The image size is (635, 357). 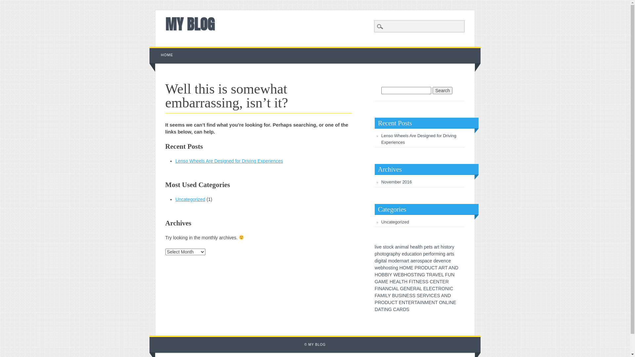 What do you see at coordinates (417, 274) in the screenshot?
I see `'I'` at bounding box center [417, 274].